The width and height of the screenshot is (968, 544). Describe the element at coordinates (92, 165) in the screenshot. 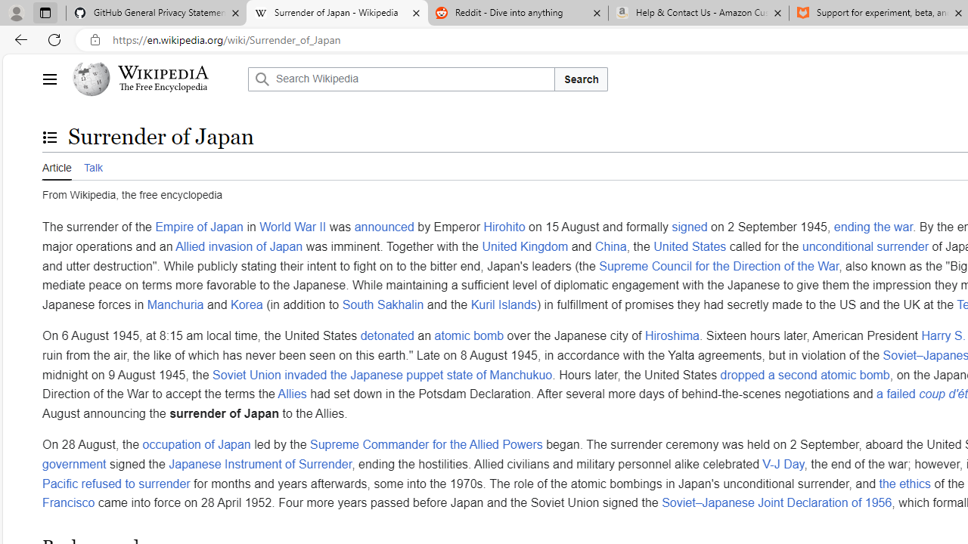

I see `'Talk'` at that location.